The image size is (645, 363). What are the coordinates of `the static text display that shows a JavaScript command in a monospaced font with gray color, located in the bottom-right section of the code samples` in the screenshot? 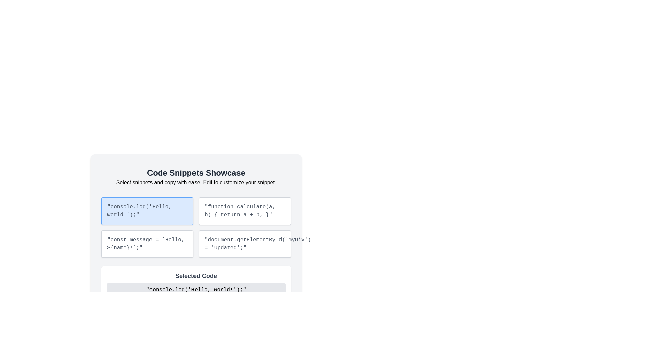 It's located at (245, 244).